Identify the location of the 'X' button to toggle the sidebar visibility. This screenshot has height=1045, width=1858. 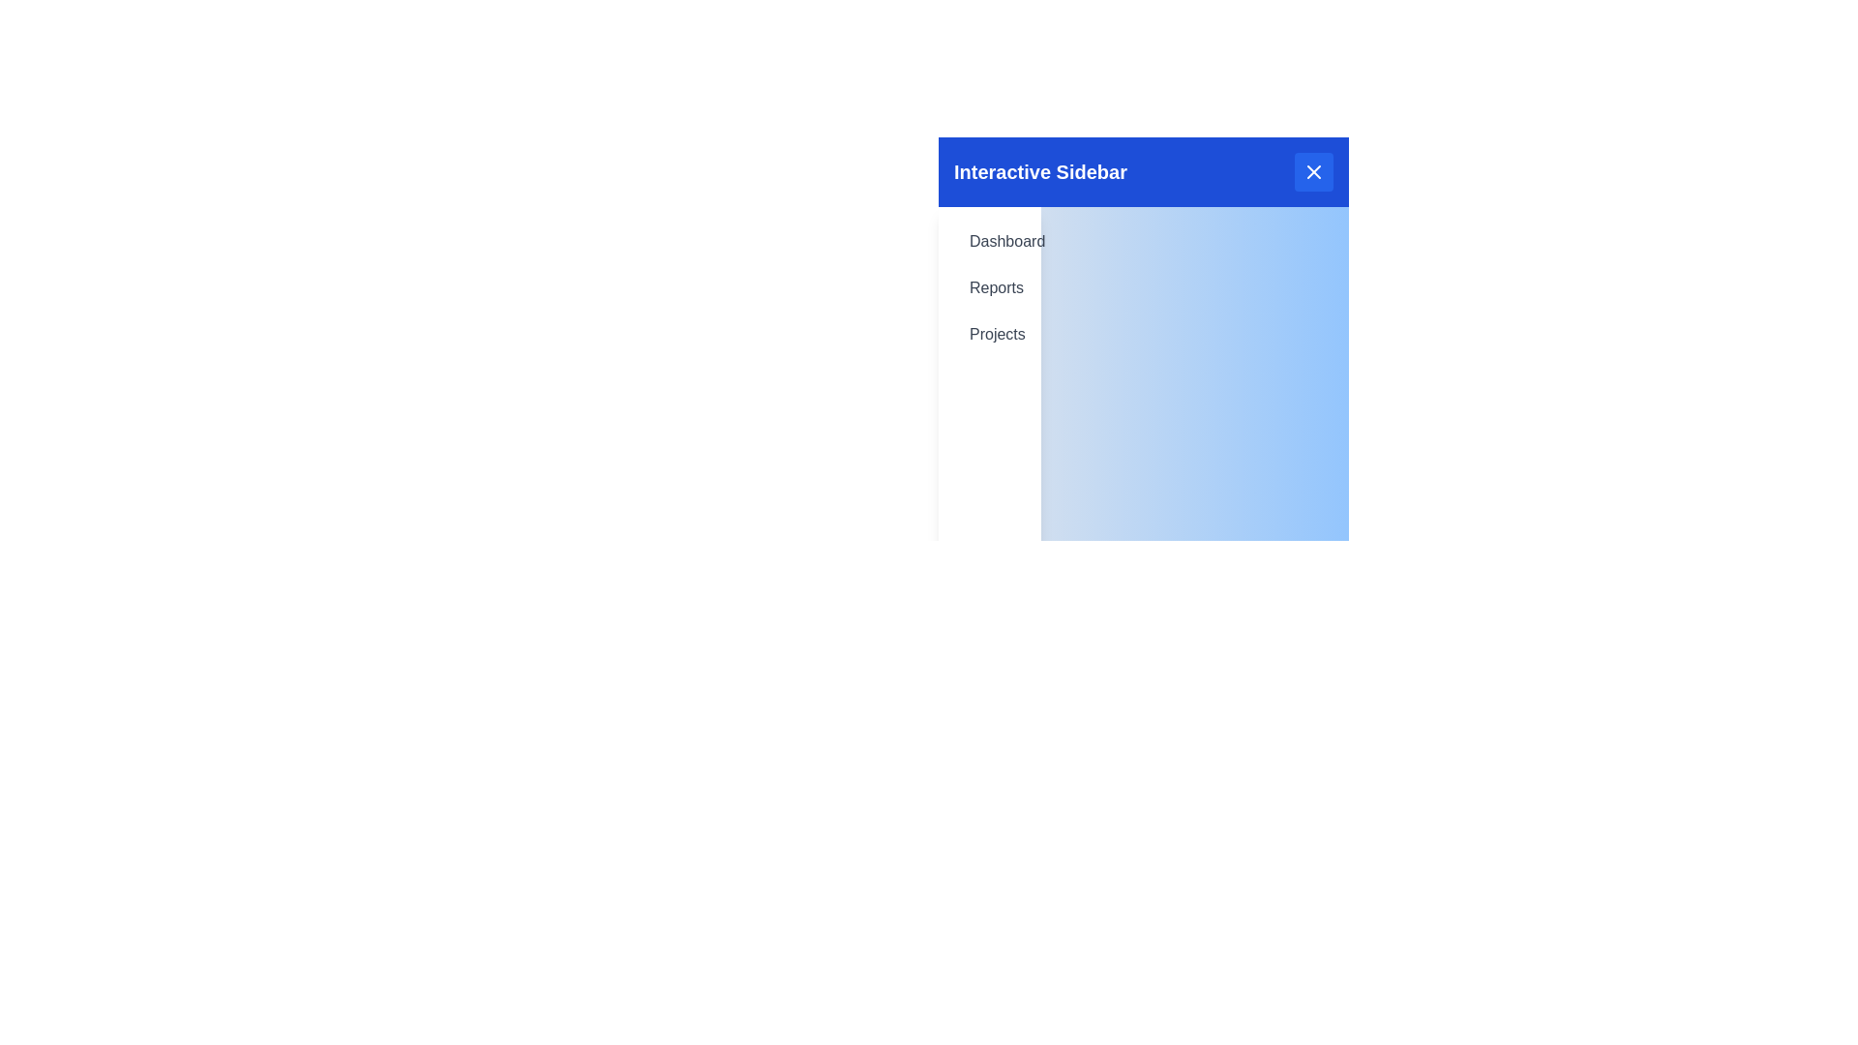
(1314, 170).